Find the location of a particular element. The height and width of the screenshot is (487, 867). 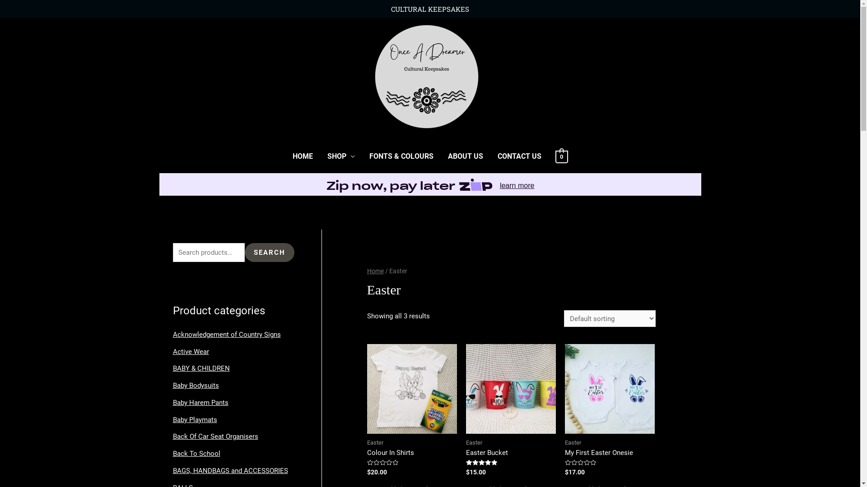

'FONTS & COLOURS' is located at coordinates (401, 156).